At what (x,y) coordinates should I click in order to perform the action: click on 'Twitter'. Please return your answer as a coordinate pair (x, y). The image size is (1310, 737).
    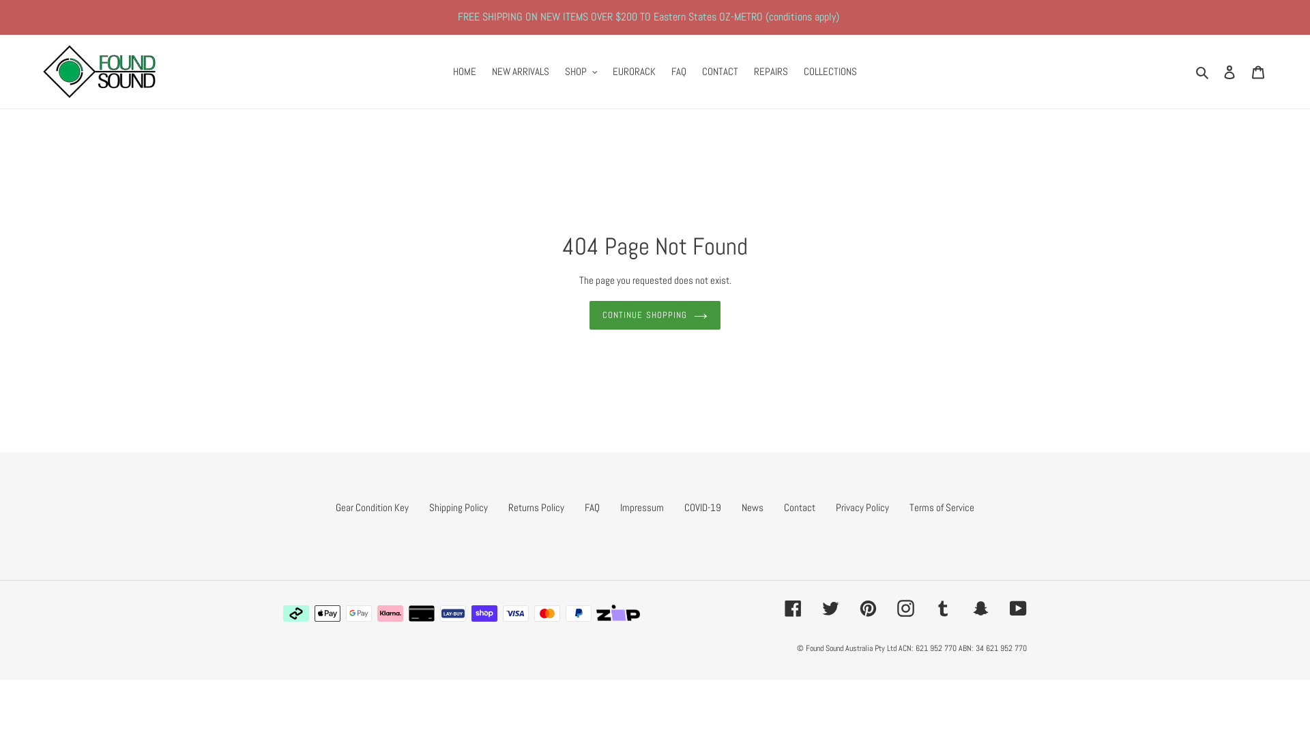
    Looking at the image, I should click on (830, 607).